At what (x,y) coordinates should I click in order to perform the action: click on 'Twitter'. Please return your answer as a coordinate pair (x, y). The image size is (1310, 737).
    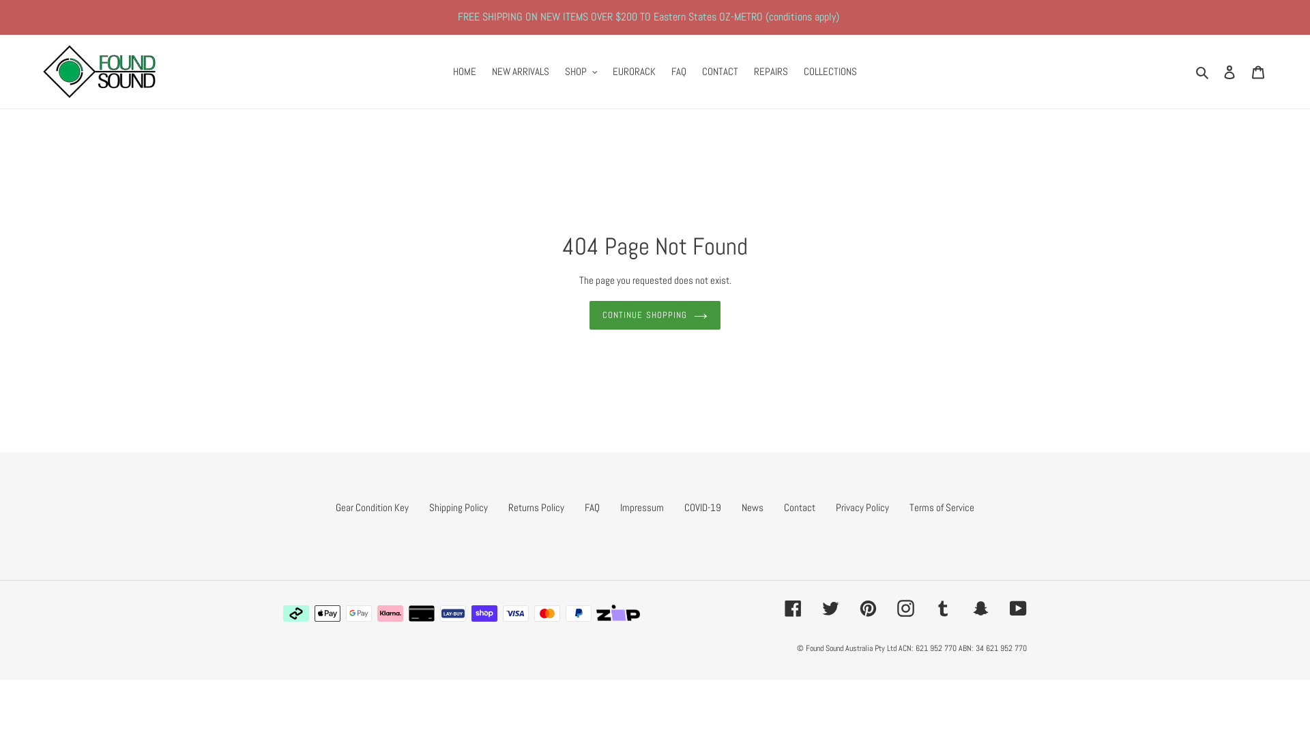
    Looking at the image, I should click on (830, 607).